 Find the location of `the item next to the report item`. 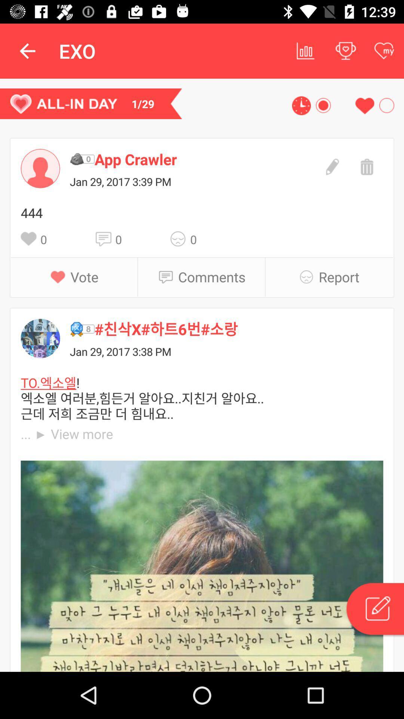

the item next to the report item is located at coordinates (309, 276).